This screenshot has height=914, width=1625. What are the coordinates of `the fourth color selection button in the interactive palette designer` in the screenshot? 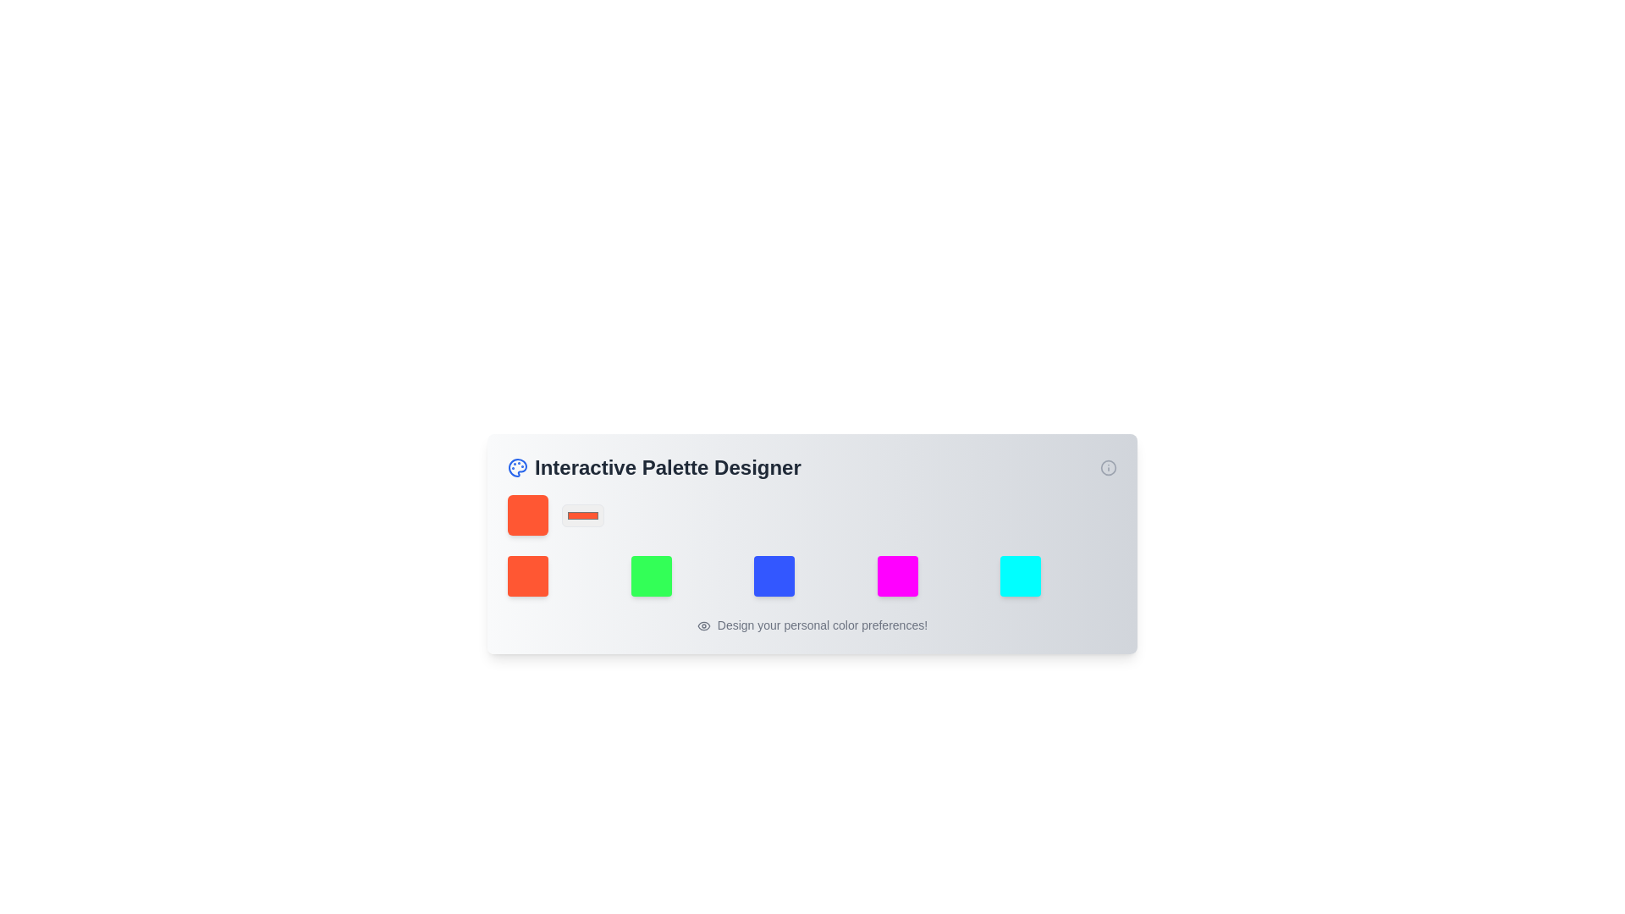 It's located at (896, 575).